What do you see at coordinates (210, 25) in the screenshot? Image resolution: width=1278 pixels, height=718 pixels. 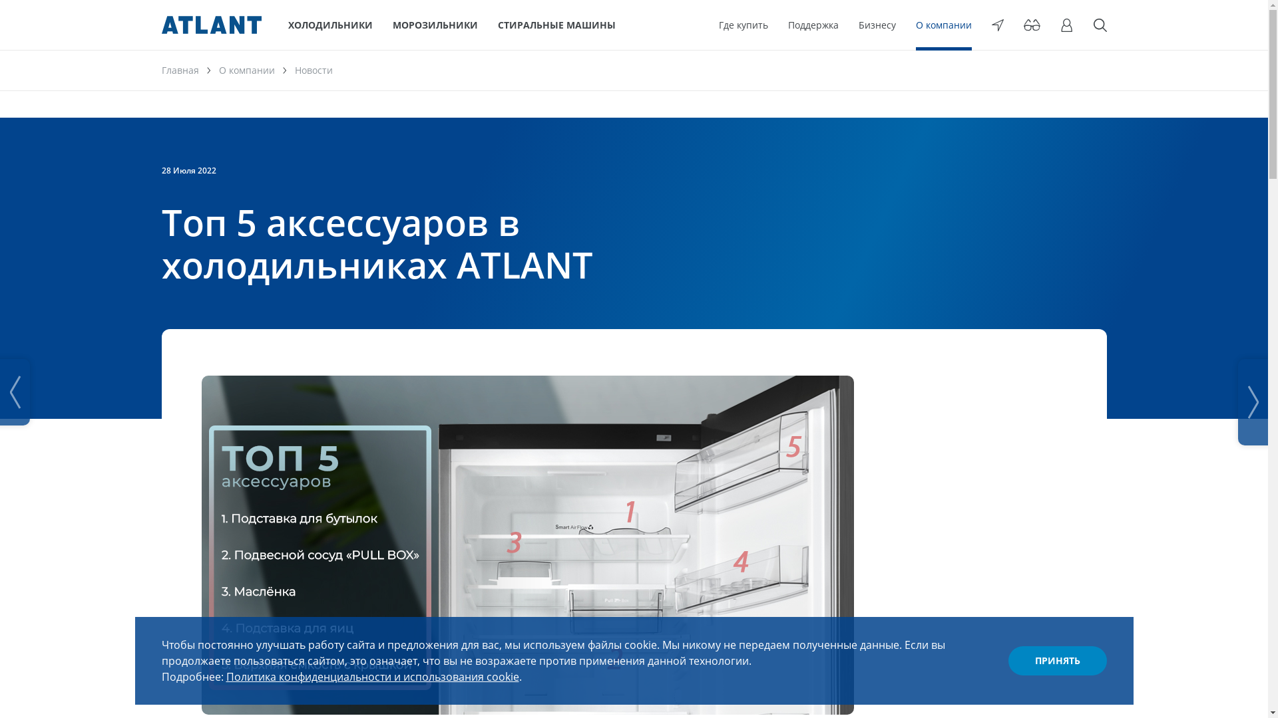 I see `'ATLANT'` at bounding box center [210, 25].